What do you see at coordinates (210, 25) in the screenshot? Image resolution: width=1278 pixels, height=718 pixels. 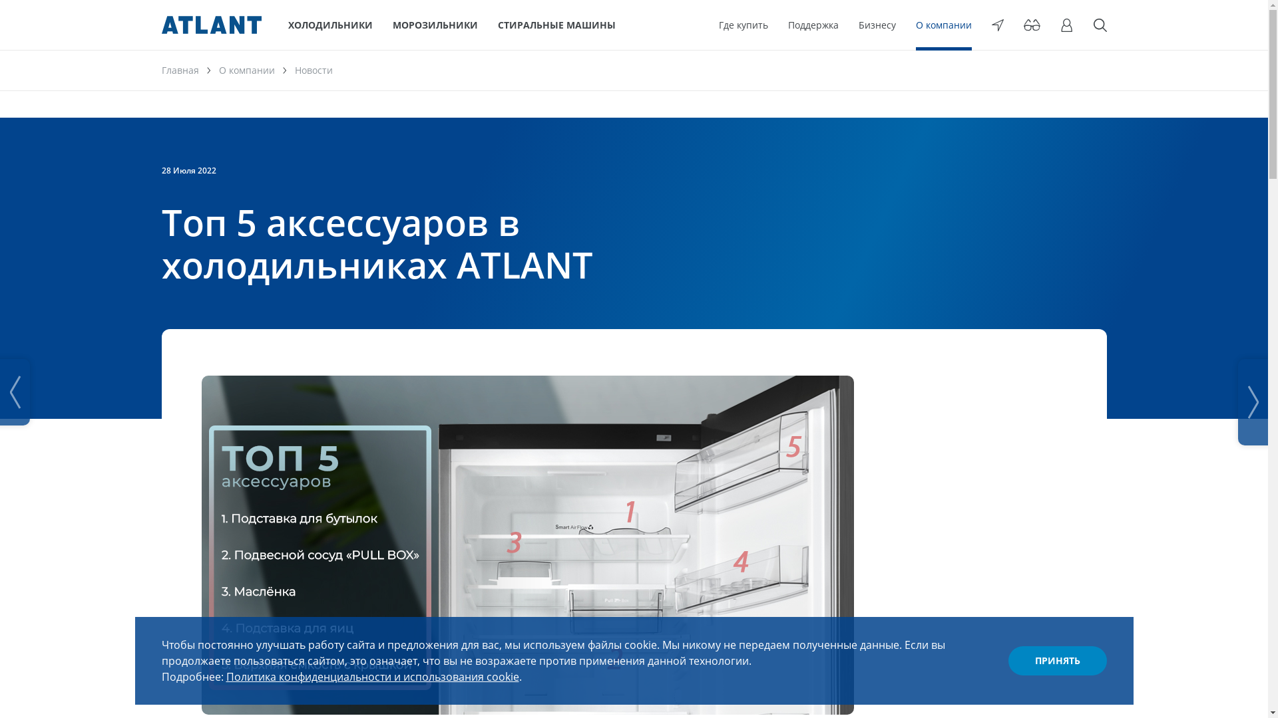 I see `'ATLANT'` at bounding box center [210, 25].